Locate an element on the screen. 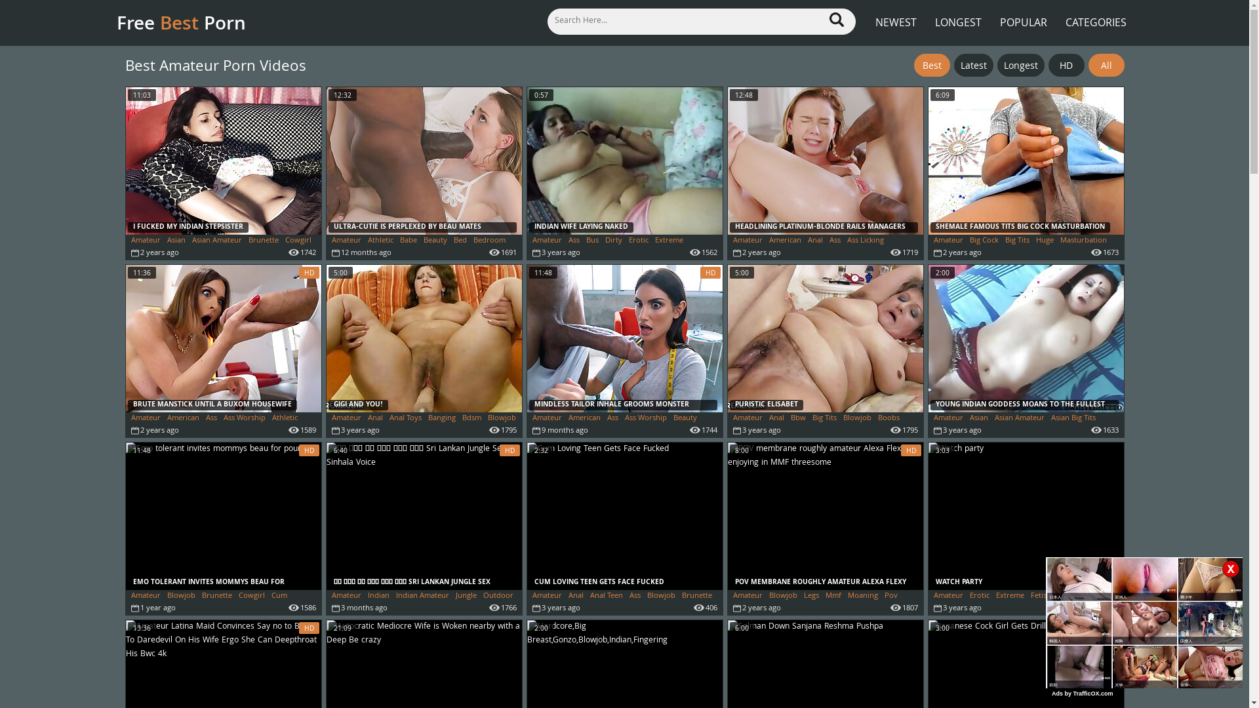 The image size is (1259, 708). 'Amateur' is located at coordinates (346, 241).